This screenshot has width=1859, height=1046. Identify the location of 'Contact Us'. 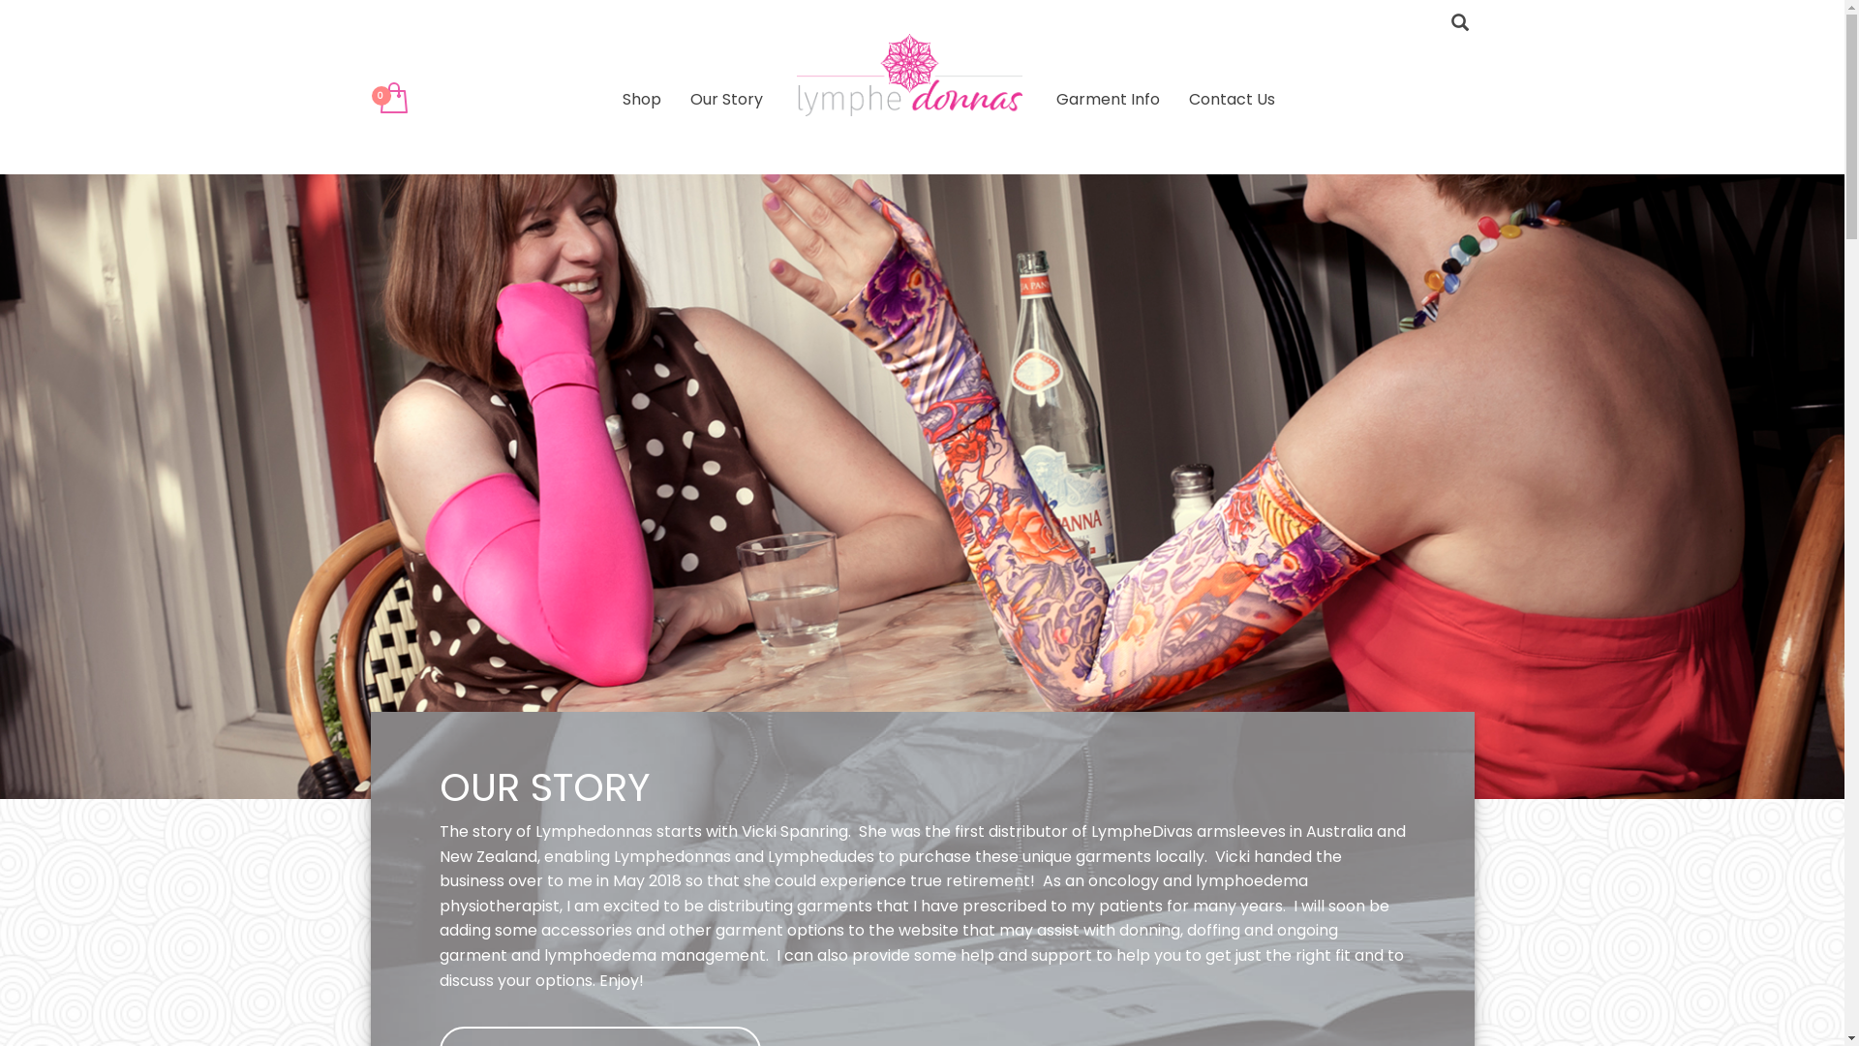
(1231, 99).